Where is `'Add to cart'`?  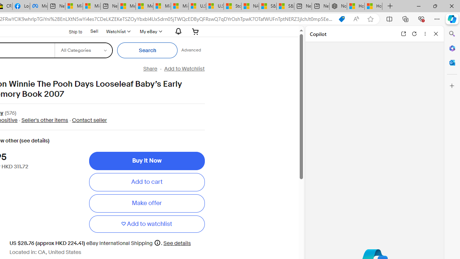 'Add to cart' is located at coordinates (146, 182).